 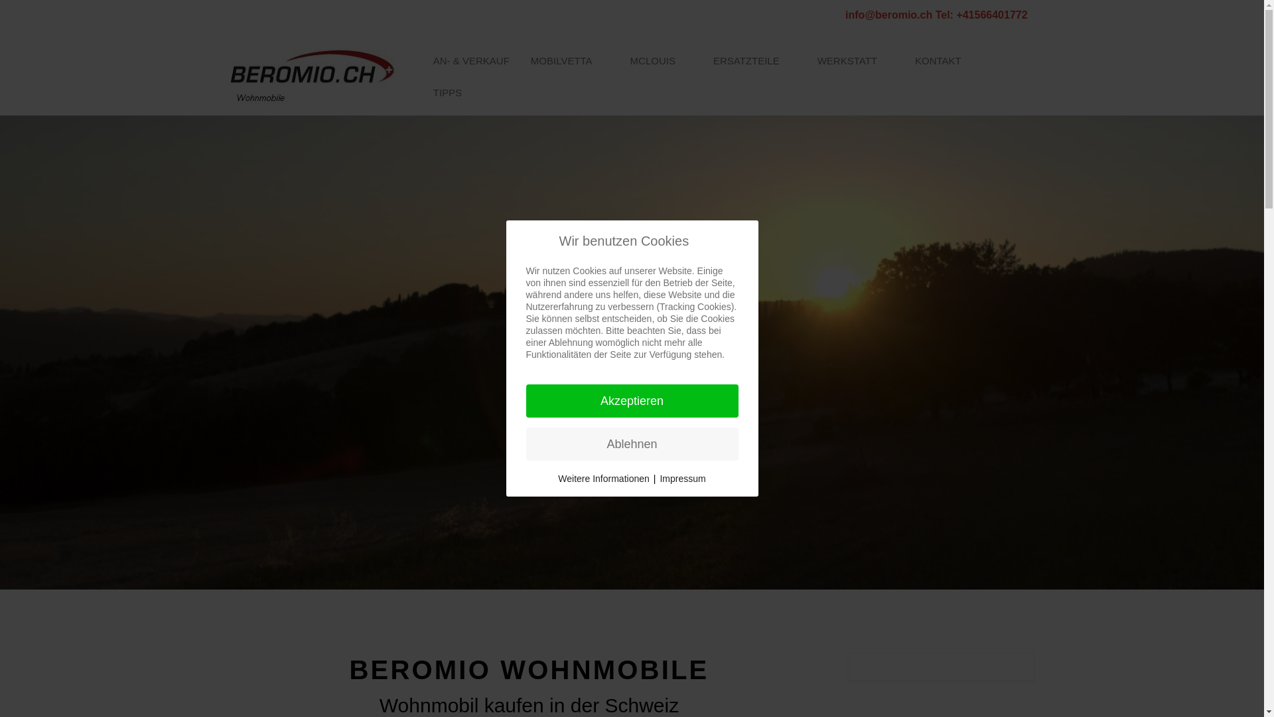 I want to click on 'KONTAKT', so click(x=904, y=61).